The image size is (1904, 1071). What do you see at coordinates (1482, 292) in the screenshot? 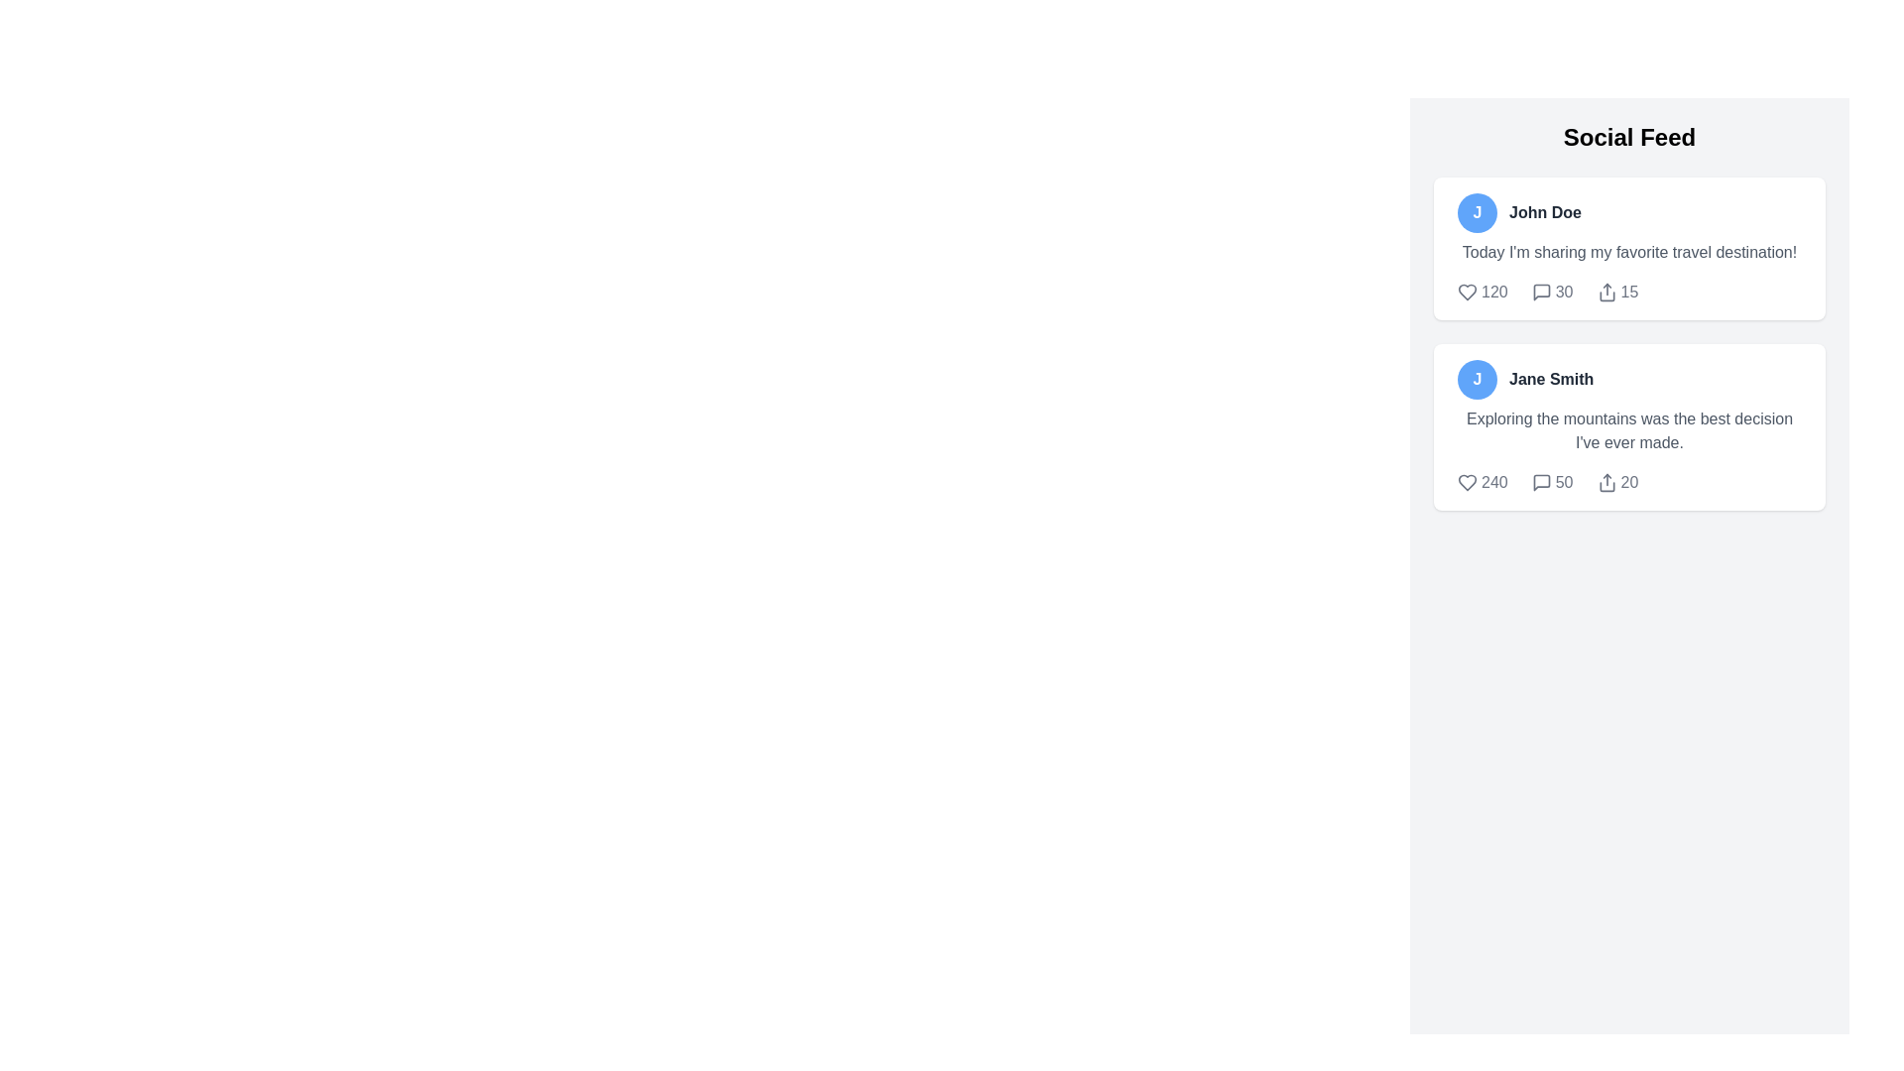
I see `the interactive counter displaying the number of likes for the post by John Doe in the Social Feed section` at bounding box center [1482, 292].